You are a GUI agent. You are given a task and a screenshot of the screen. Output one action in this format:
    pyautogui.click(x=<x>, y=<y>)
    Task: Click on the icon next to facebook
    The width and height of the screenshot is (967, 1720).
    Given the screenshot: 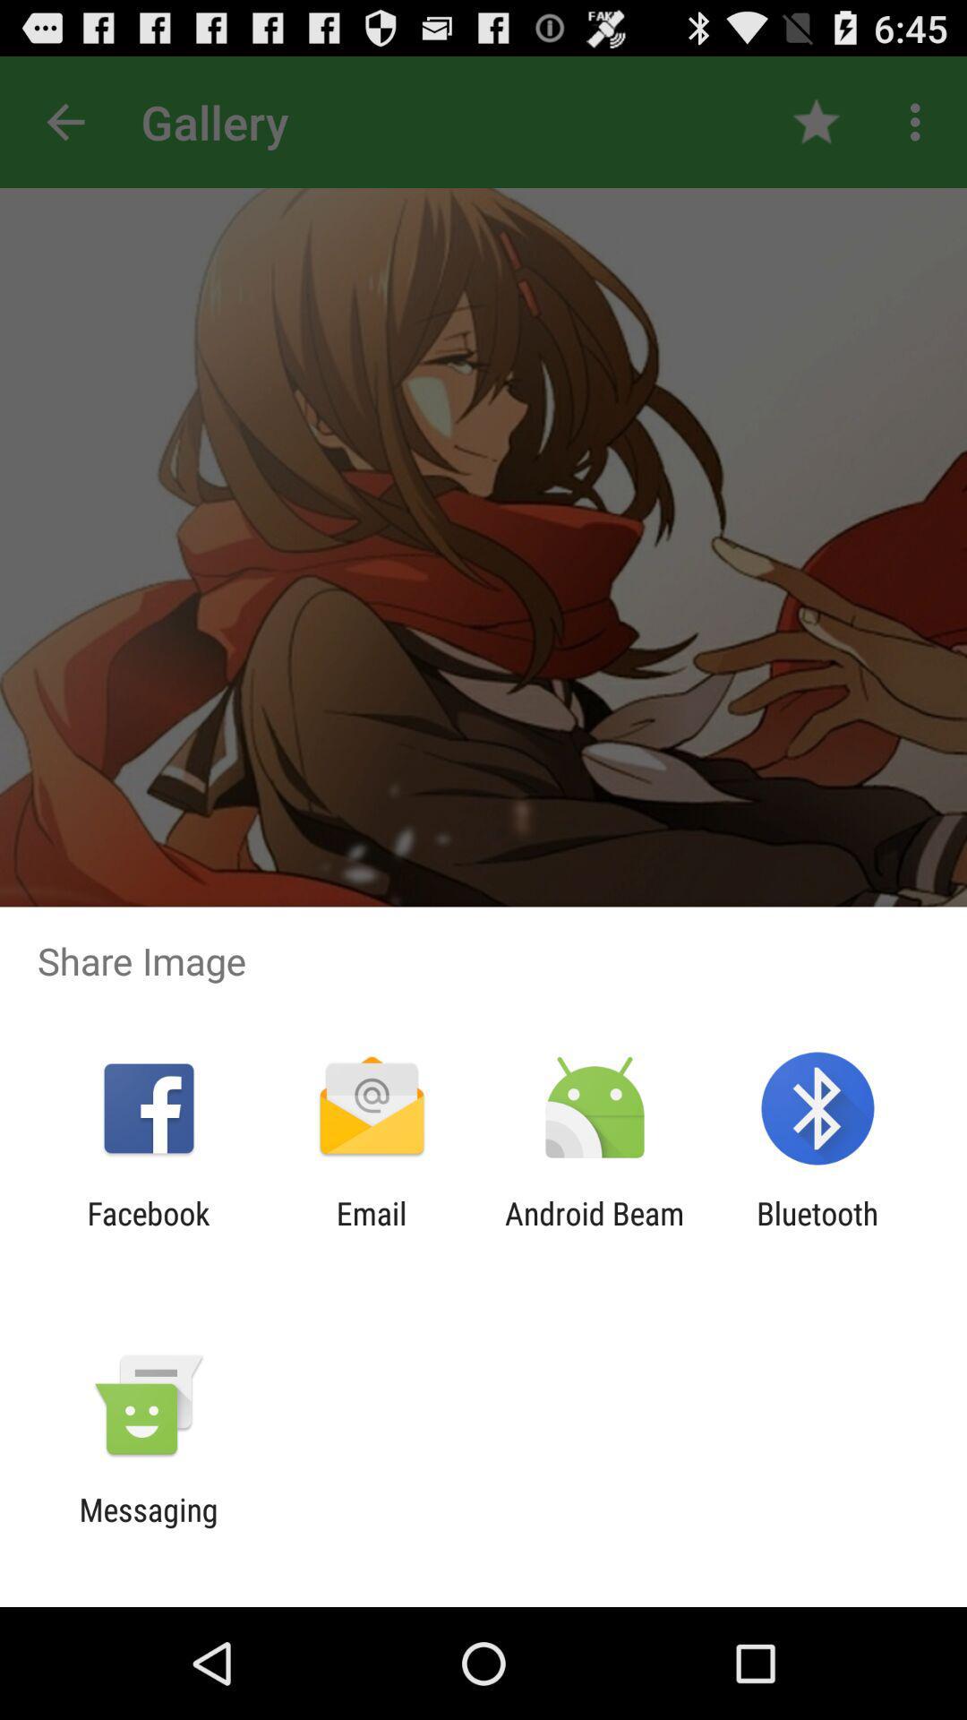 What is the action you would take?
    pyautogui.click(x=371, y=1231)
    